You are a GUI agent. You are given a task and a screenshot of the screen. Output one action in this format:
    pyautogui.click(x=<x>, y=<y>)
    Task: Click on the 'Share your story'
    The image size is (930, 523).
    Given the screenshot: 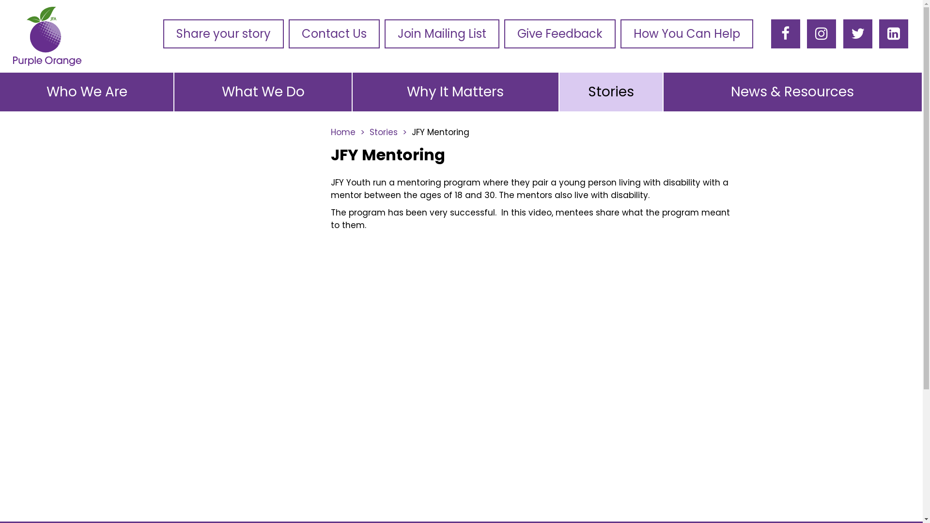 What is the action you would take?
    pyautogui.click(x=223, y=33)
    